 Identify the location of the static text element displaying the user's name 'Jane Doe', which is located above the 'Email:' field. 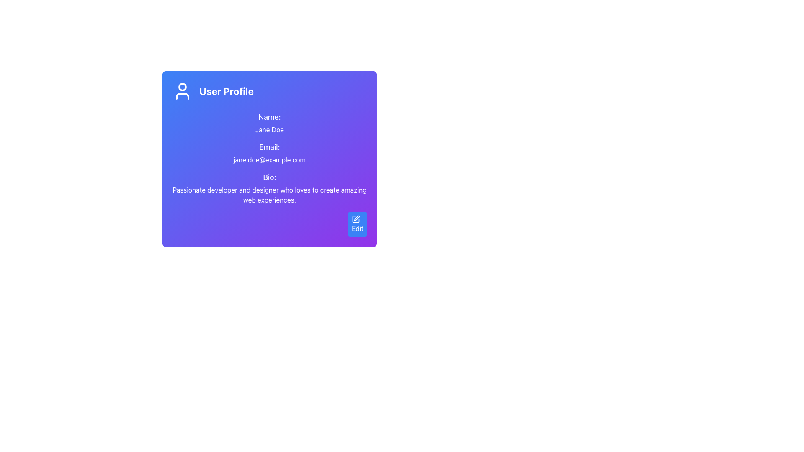
(269, 129).